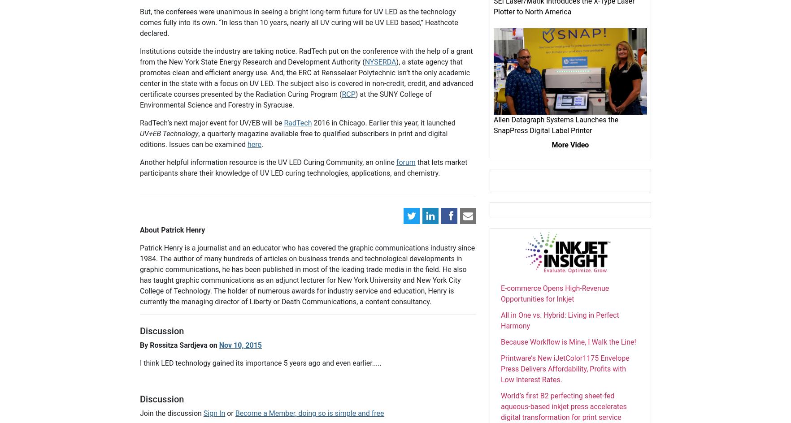 Image resolution: width=791 pixels, height=423 pixels. Describe the element at coordinates (306, 78) in the screenshot. I see `'), a state agency that promotes clean and efficient energy use. And, the ERC at Rensselaer Polytechnic isn’t the only academic center in the state with a focus on UV LED. The subject also is covered in non-credit, credit, and advanced certificate courses presented by the Radiation Curing Program ('` at that location.